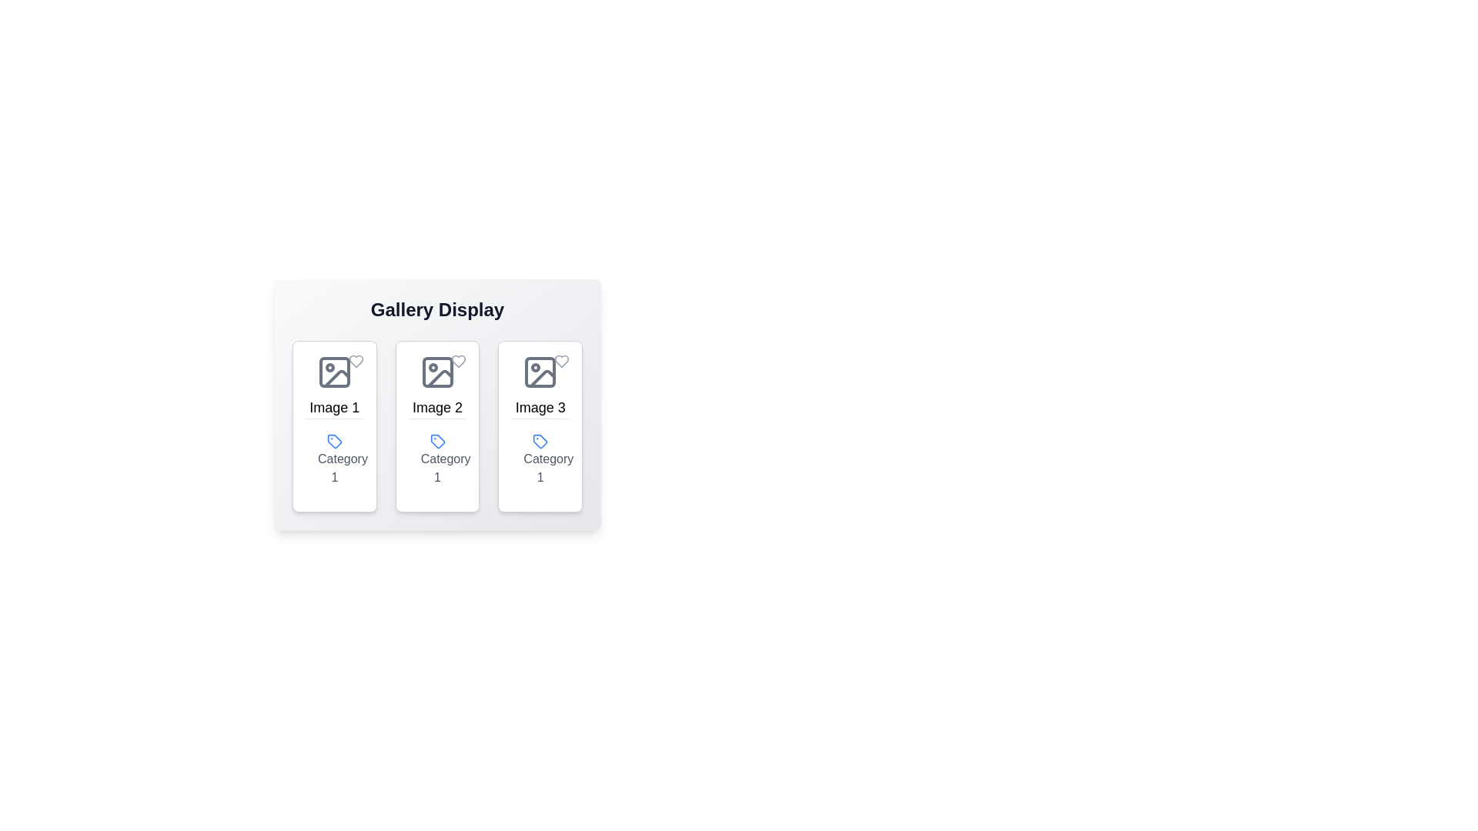 The image size is (1478, 831). What do you see at coordinates (333, 441) in the screenshot?
I see `the tag-shaped icon with a blue outline in the middle card of the horizontally aligned row of three cards` at bounding box center [333, 441].